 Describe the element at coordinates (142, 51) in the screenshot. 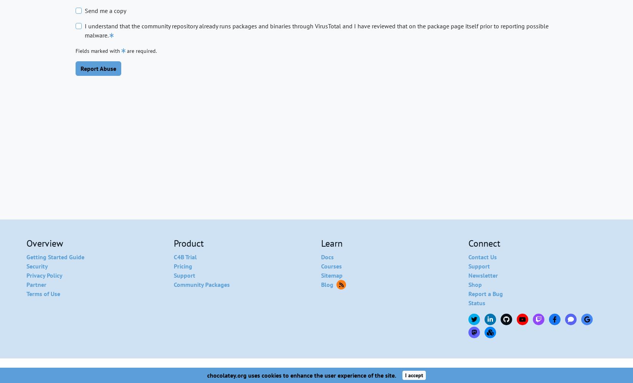

I see `'are required.'` at that location.